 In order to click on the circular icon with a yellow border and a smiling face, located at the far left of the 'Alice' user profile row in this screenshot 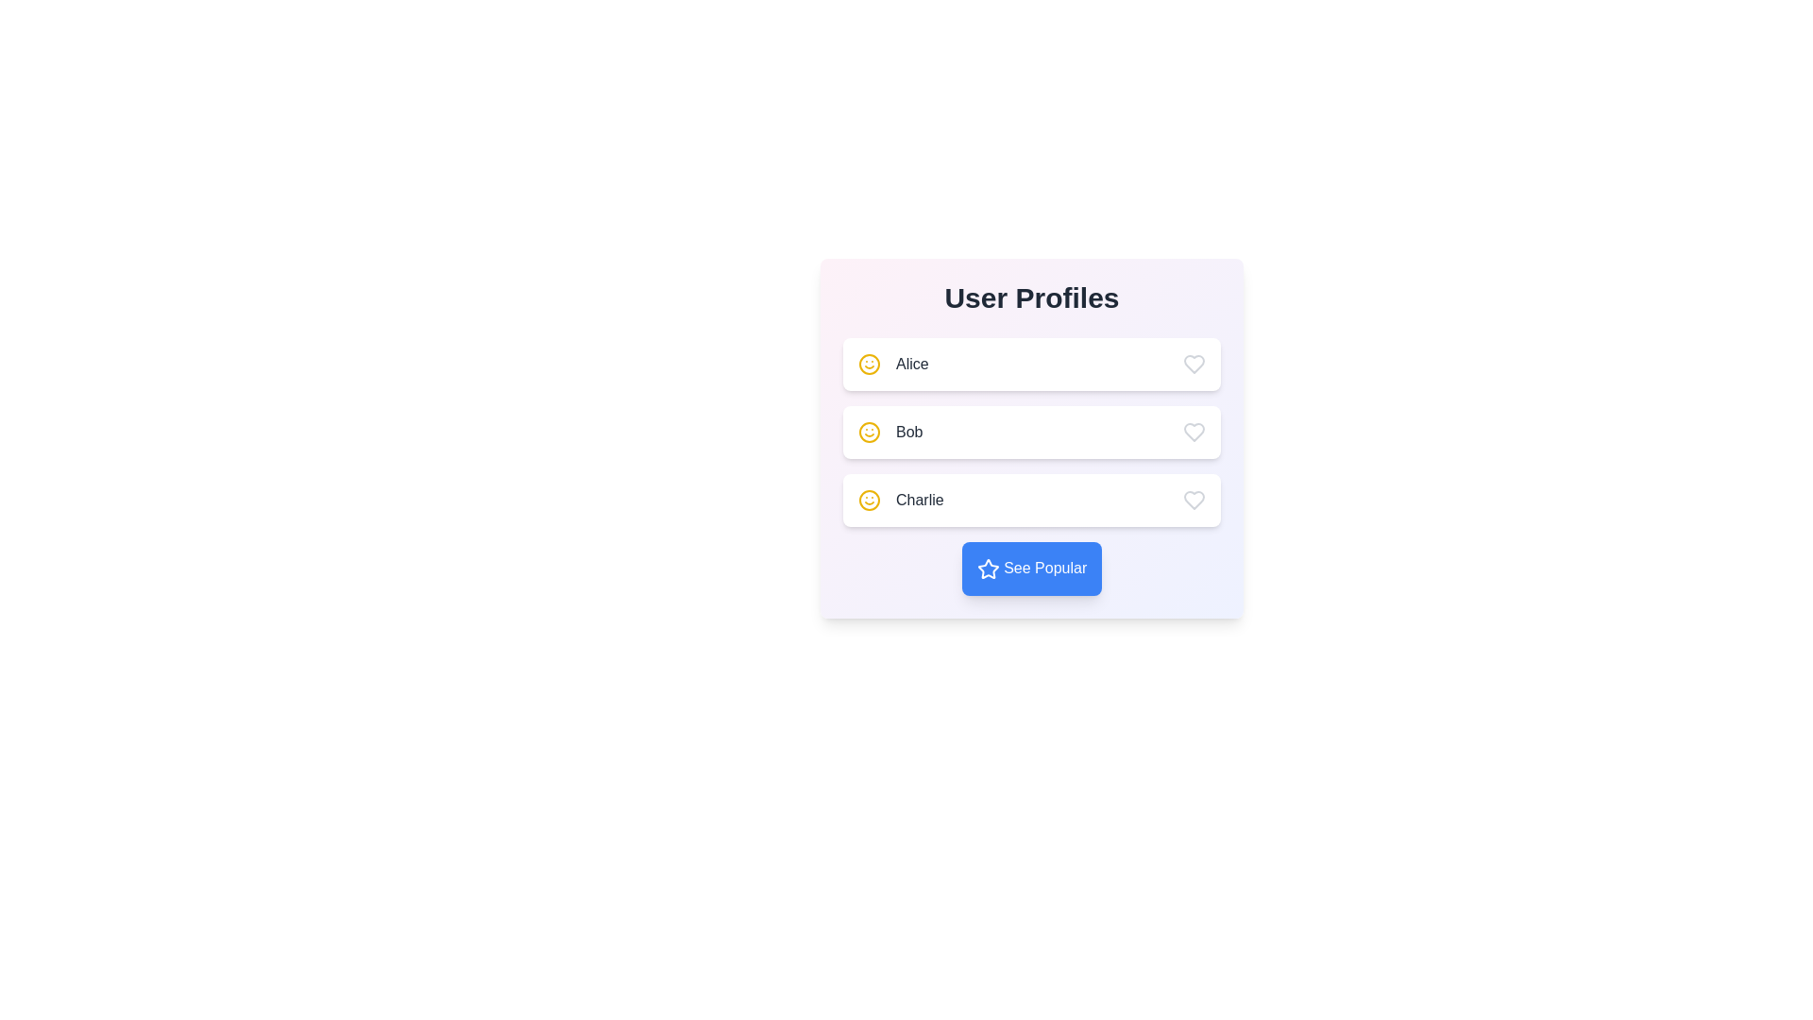, I will do `click(869, 364)`.